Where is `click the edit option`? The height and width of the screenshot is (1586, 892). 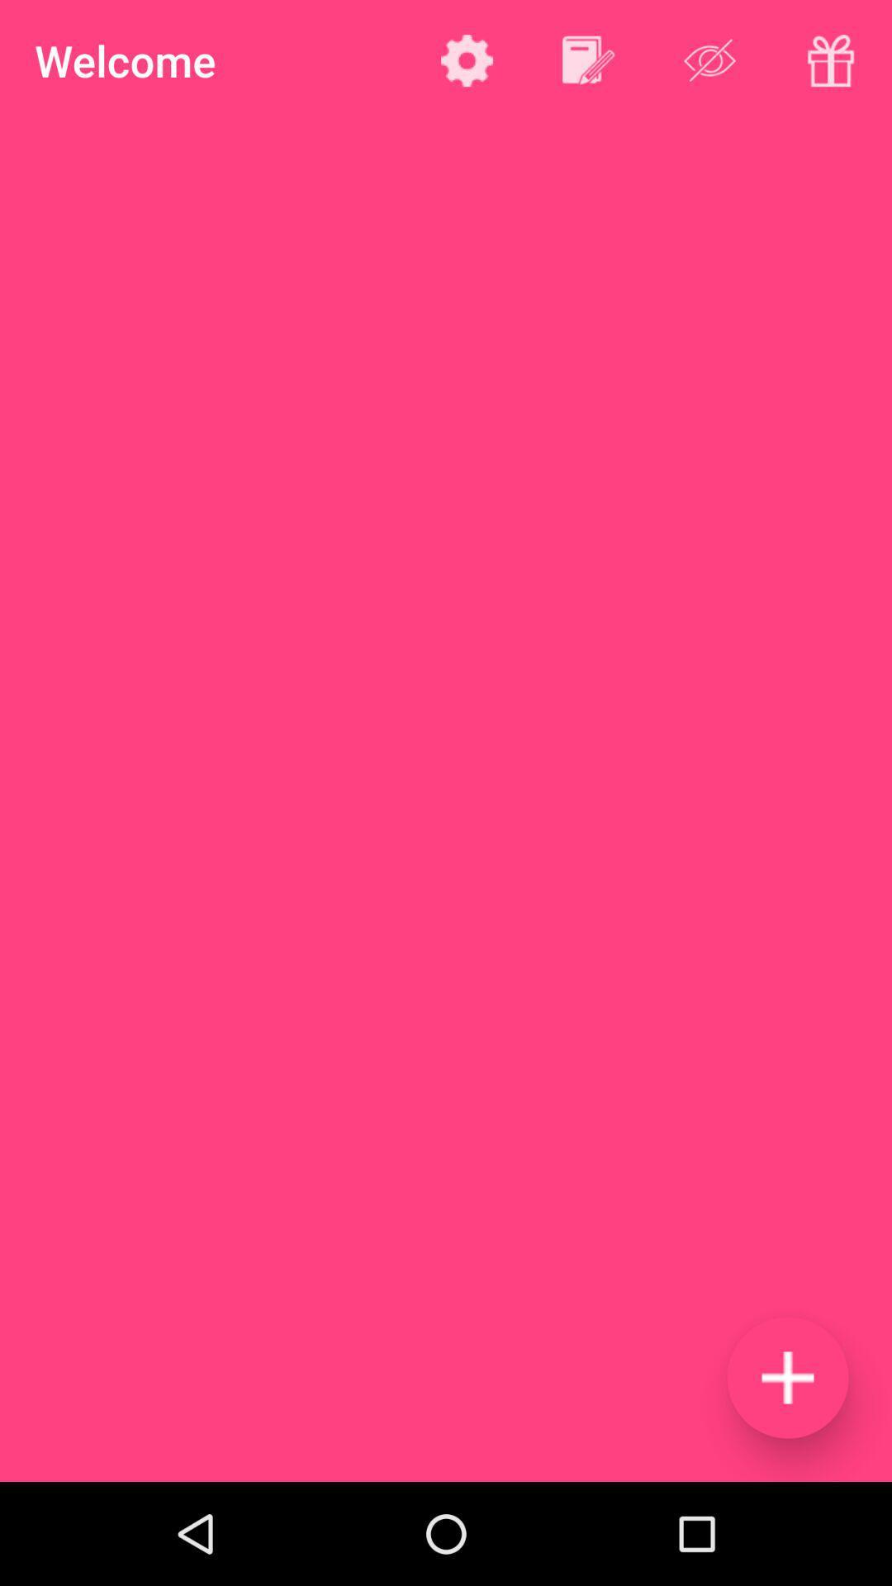
click the edit option is located at coordinates (587, 60).